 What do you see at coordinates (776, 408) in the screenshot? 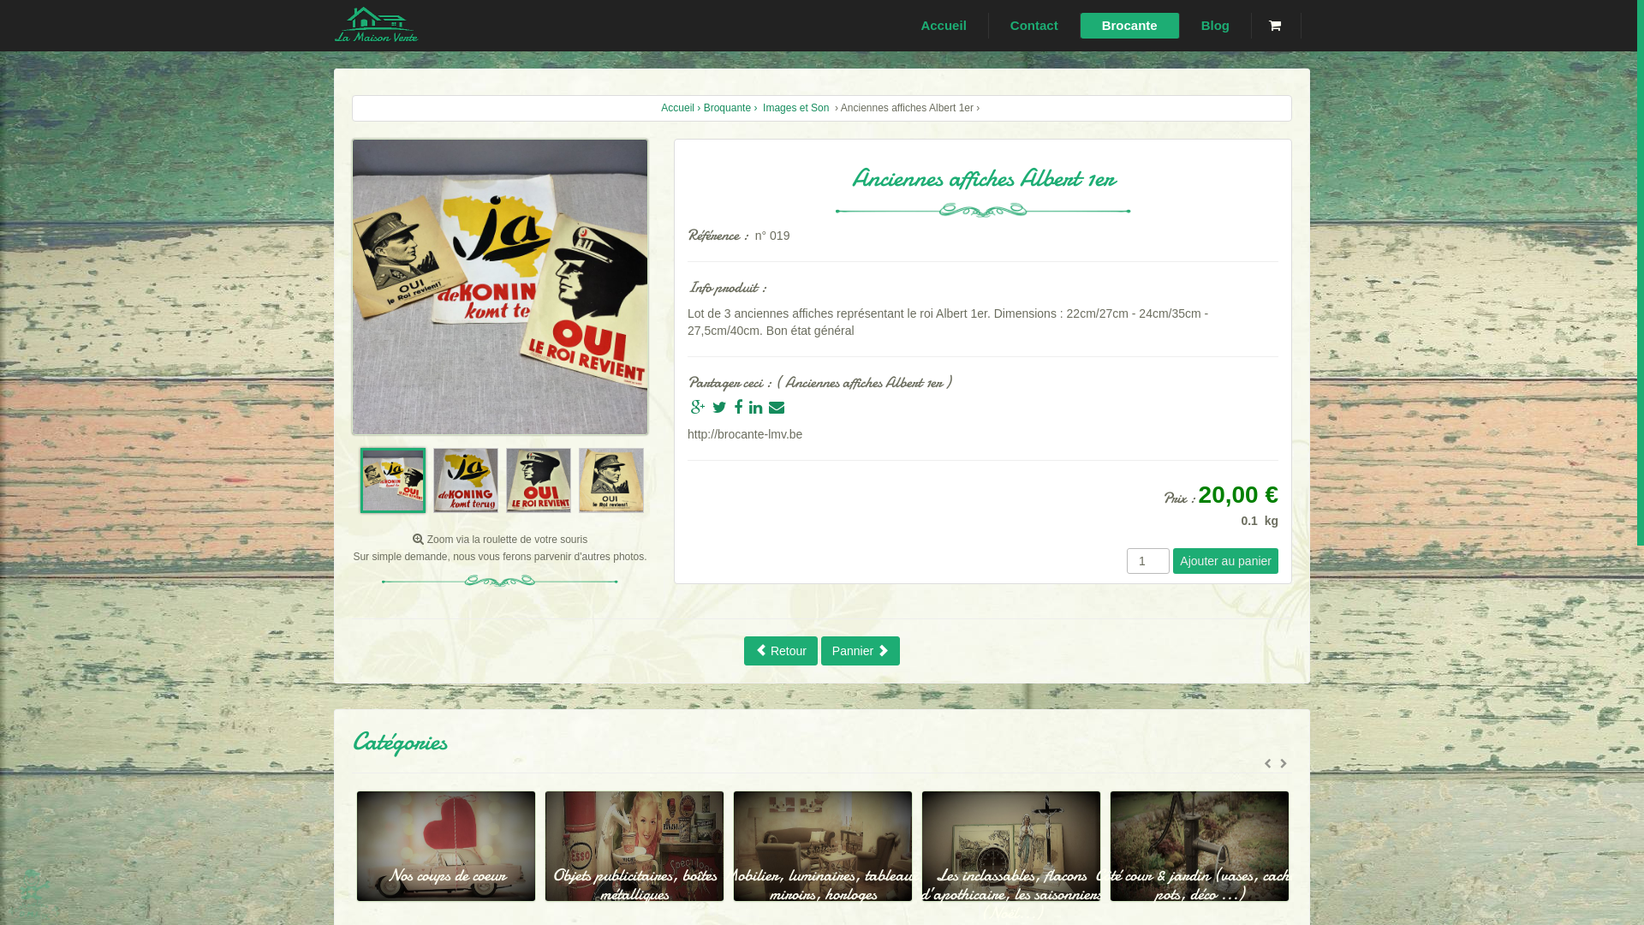
I see `'Envoyer par mail'` at bounding box center [776, 408].